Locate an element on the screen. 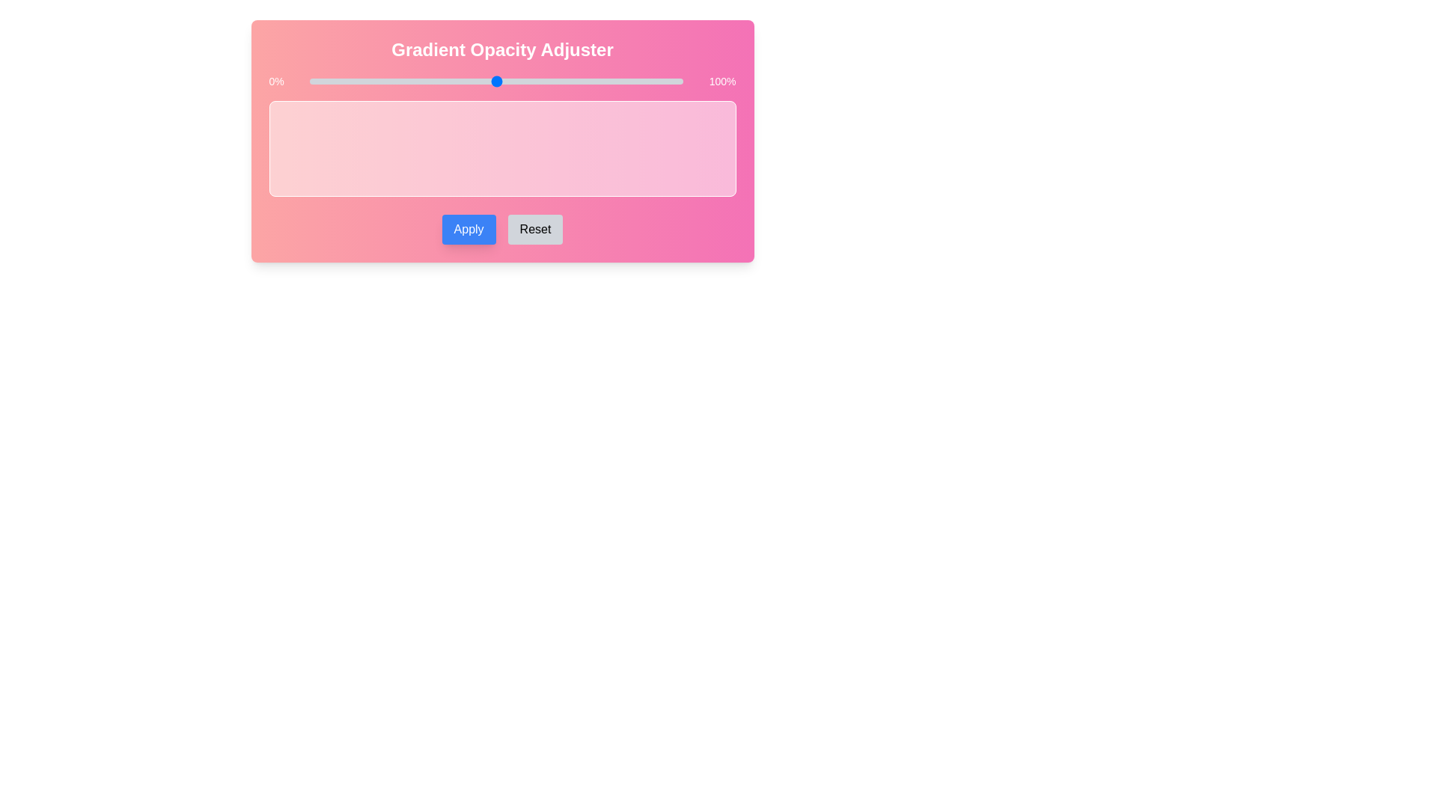 Image resolution: width=1437 pixels, height=808 pixels. the slider to set the gradient opacity to 40% is located at coordinates (458, 81).